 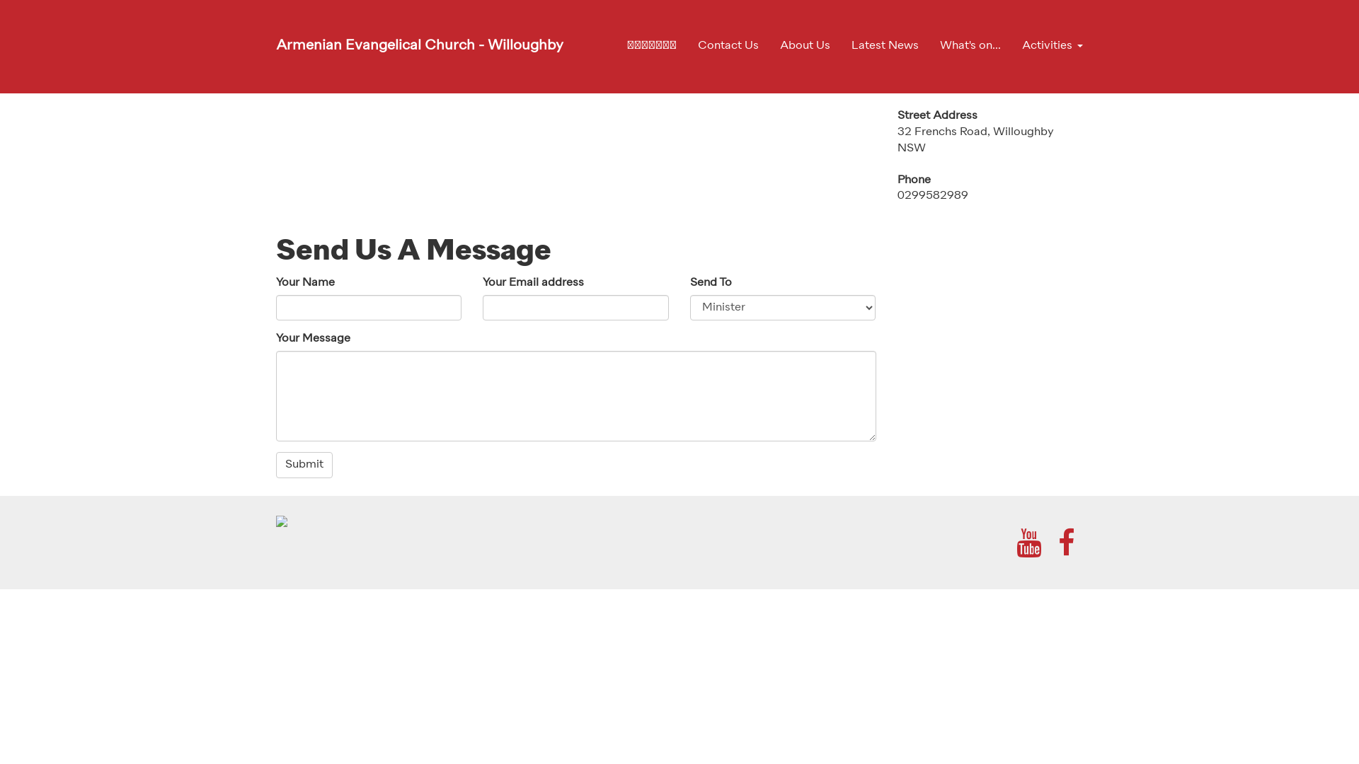 What do you see at coordinates (1047, 45) in the screenshot?
I see `'Activities'` at bounding box center [1047, 45].